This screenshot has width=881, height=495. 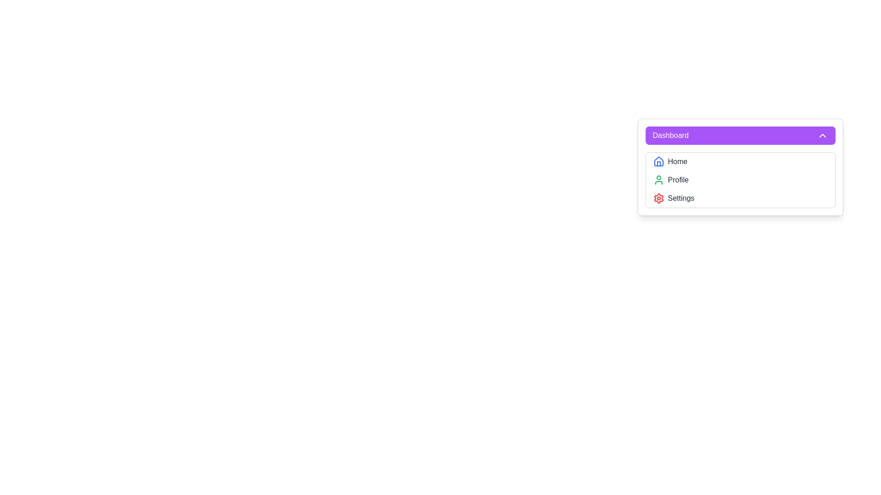 I want to click on the 'Dashboard' text label, which is styled with white text on a purple background and located at the top-left of a dropdown component, so click(x=670, y=136).